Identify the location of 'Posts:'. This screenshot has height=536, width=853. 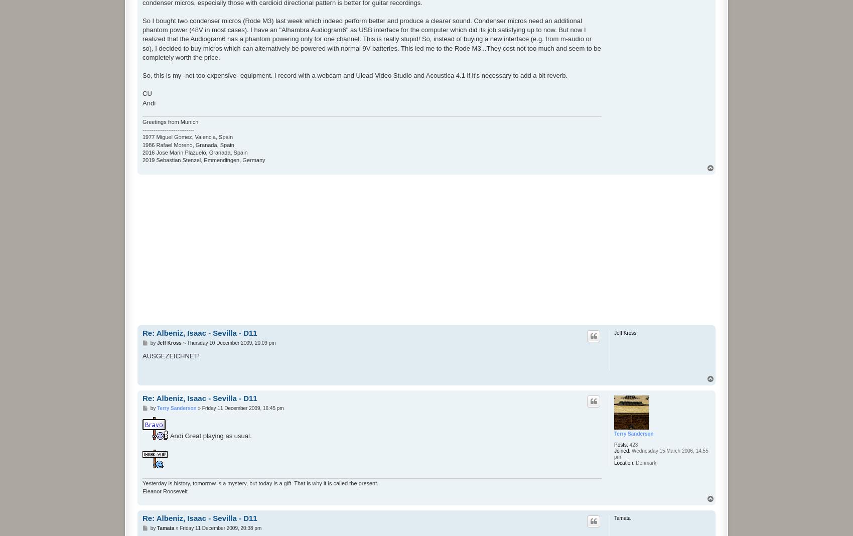
(614, 444).